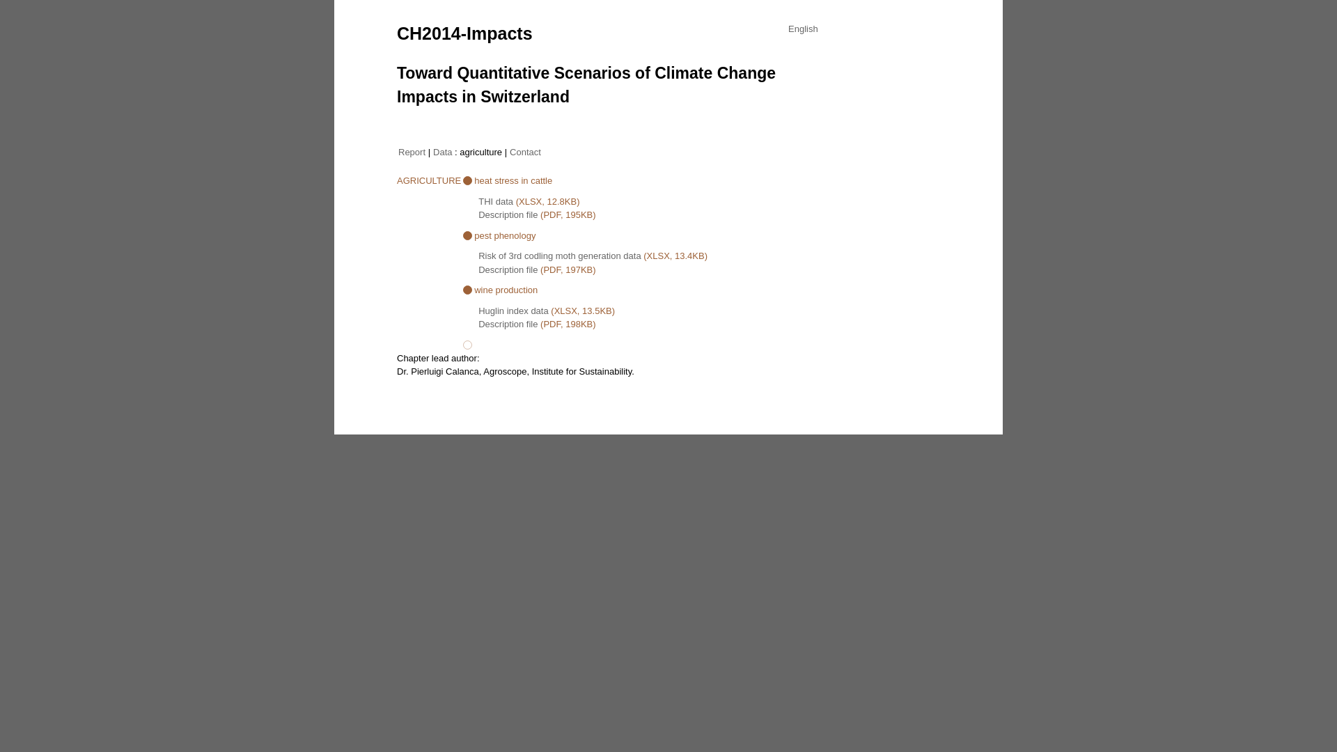 This screenshot has height=752, width=1337. What do you see at coordinates (441, 151) in the screenshot?
I see `'Data'` at bounding box center [441, 151].